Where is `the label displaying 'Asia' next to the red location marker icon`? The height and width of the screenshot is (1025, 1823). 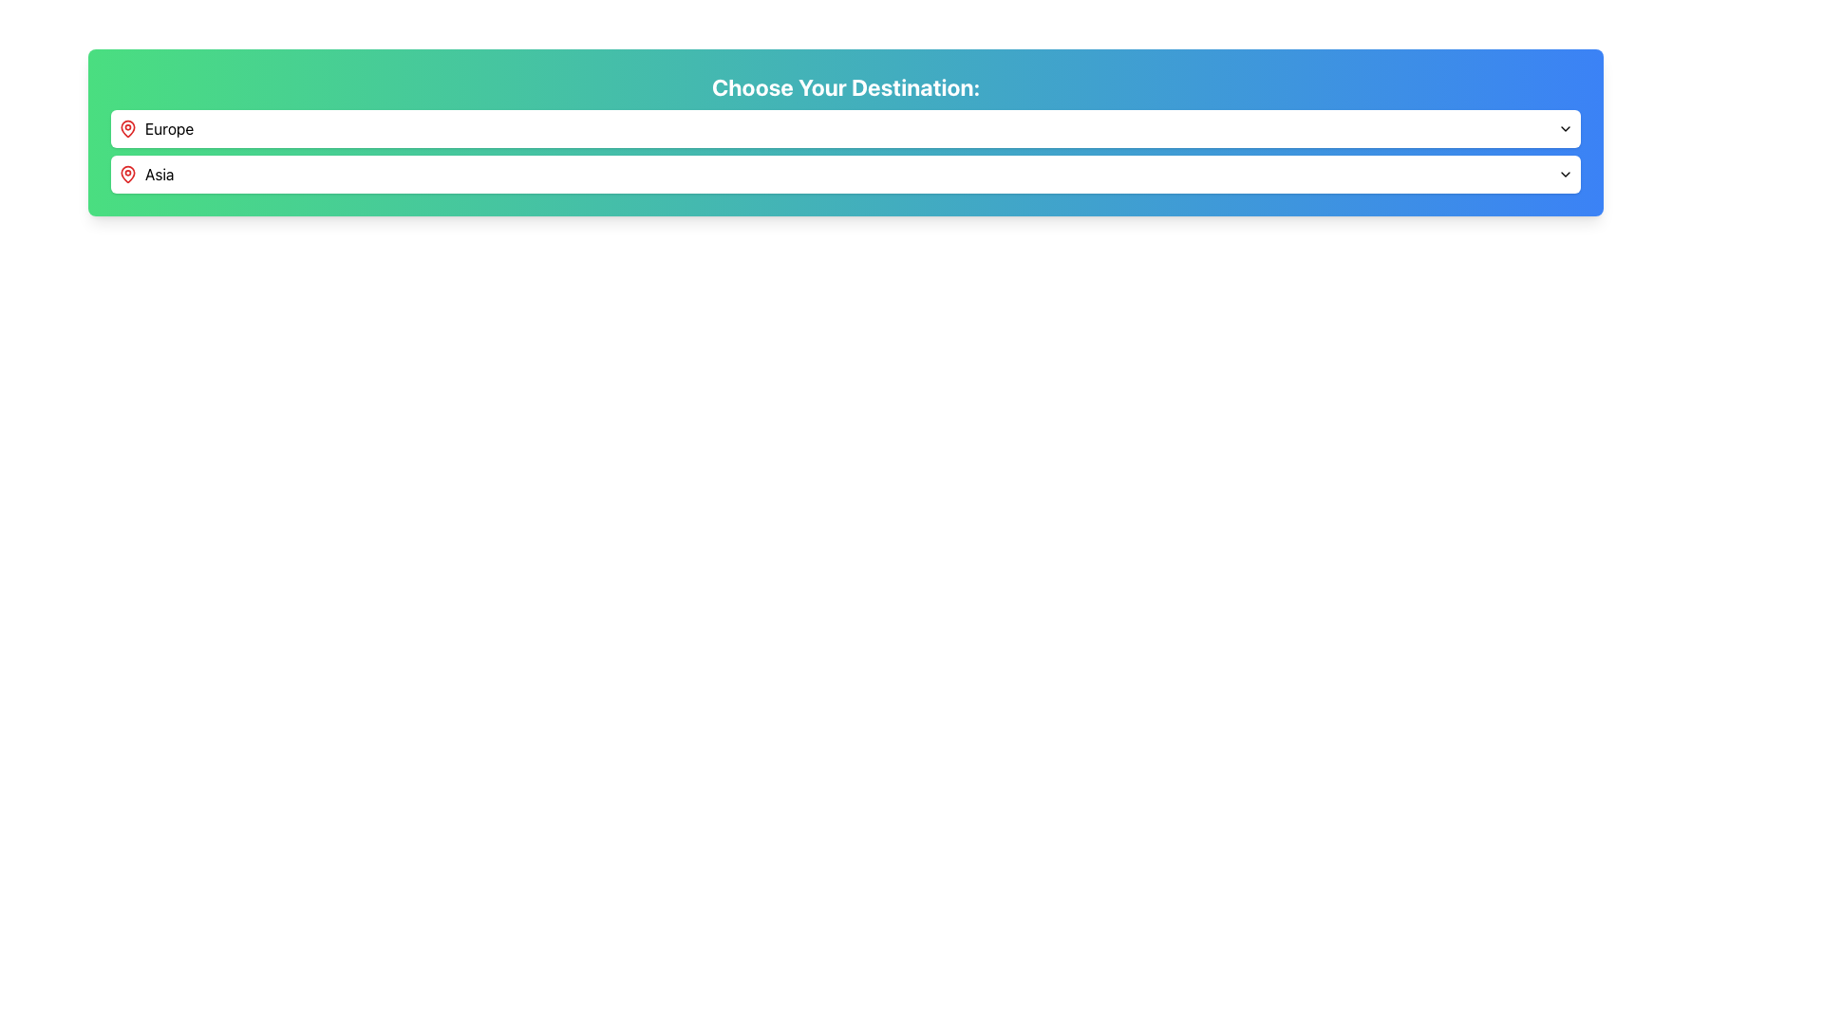 the label displaying 'Asia' next to the red location marker icon is located at coordinates (145, 175).